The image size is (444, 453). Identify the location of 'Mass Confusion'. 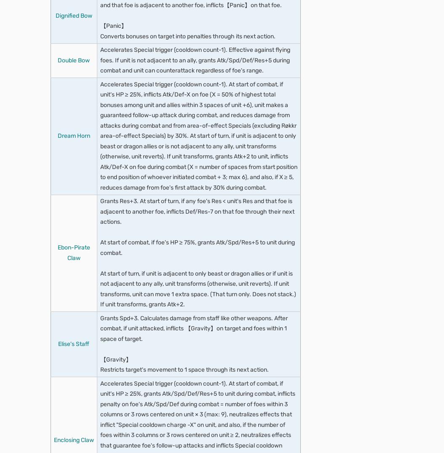
(89, 300).